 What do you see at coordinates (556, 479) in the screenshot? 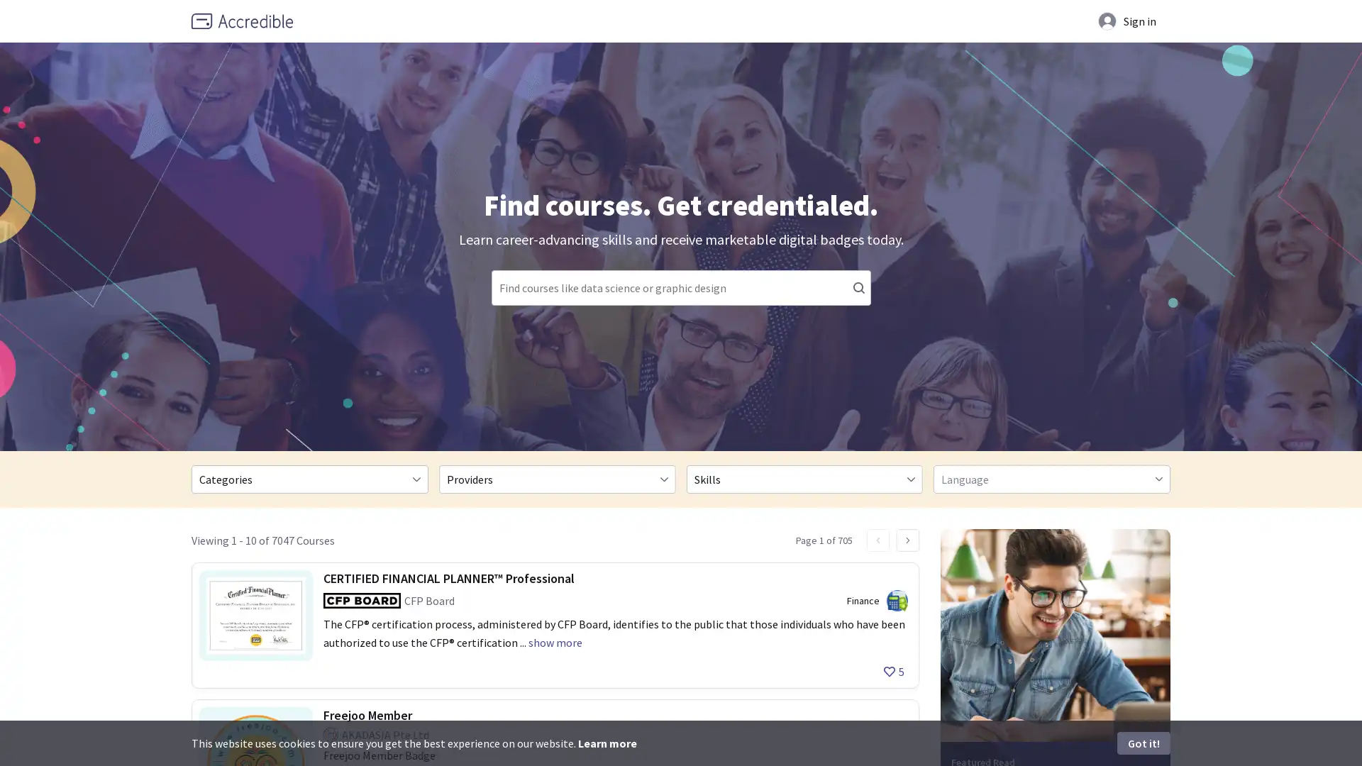
I see `Providers` at bounding box center [556, 479].